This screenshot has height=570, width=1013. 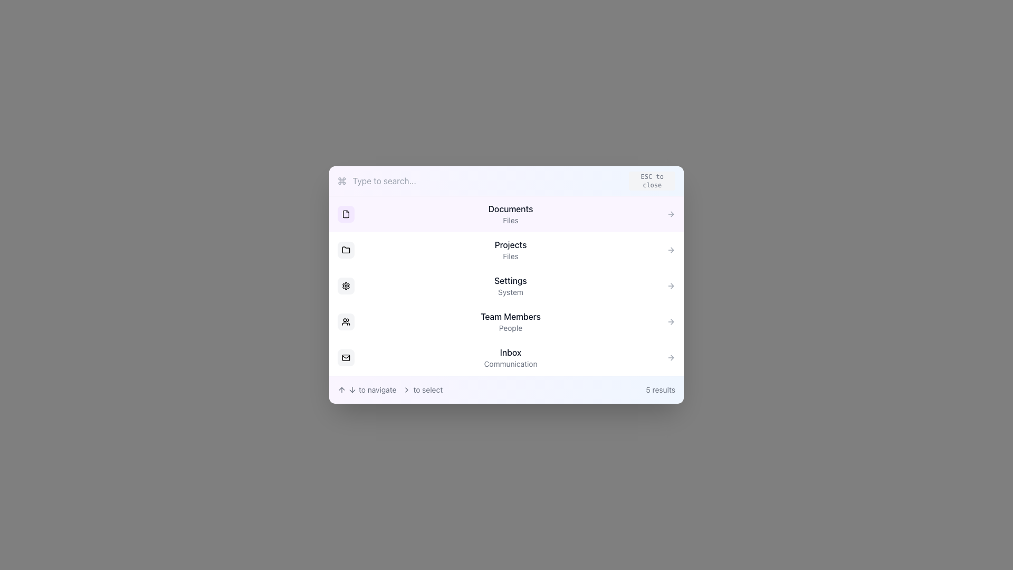 I want to click on the 'down' navigation icon located in the bottom-left section of the panel, adjacent to the upward-pointing arrow and the text 'to navigate.', so click(x=352, y=390).